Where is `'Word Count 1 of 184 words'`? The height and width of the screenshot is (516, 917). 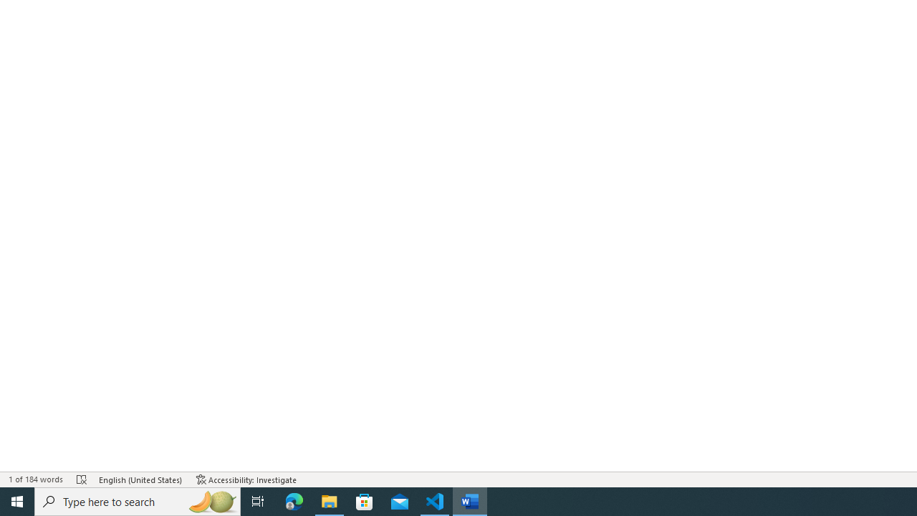 'Word Count 1 of 184 words' is located at coordinates (35, 479).